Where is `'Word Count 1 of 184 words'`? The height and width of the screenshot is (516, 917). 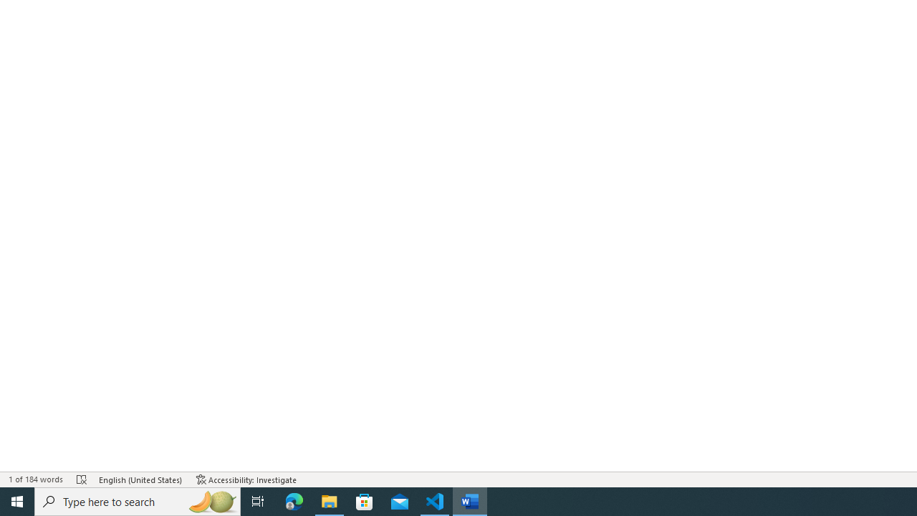 'Word Count 1 of 184 words' is located at coordinates (35, 479).